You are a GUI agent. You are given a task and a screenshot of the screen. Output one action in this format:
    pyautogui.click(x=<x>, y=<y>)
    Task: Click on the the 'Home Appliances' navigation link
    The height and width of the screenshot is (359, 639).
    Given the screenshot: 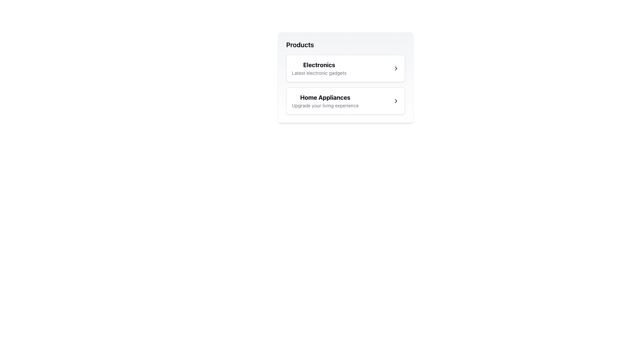 What is the action you would take?
    pyautogui.click(x=325, y=101)
    